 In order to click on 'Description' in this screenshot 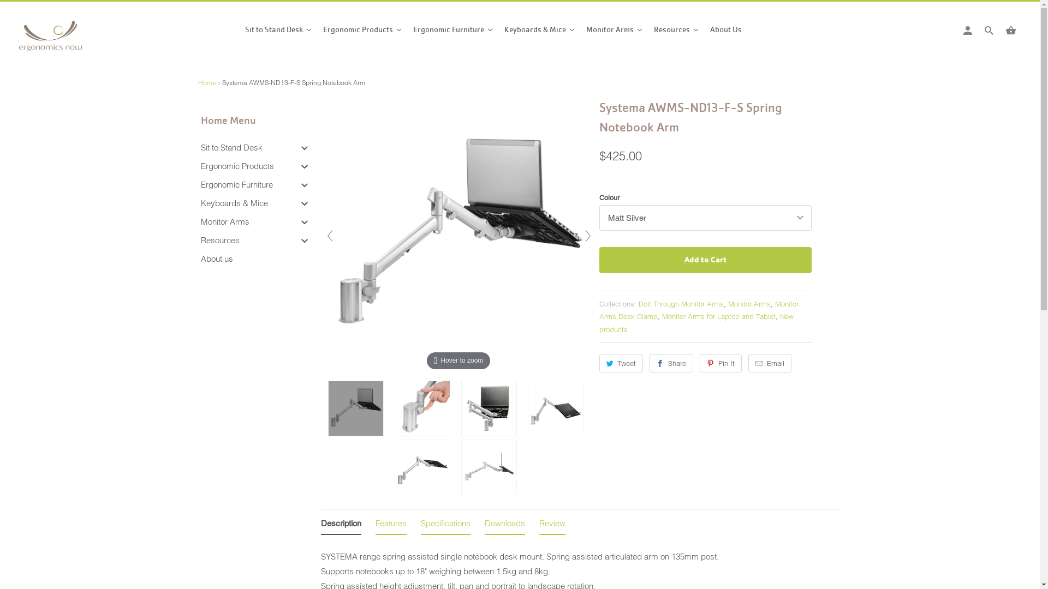, I will do `click(340, 525)`.